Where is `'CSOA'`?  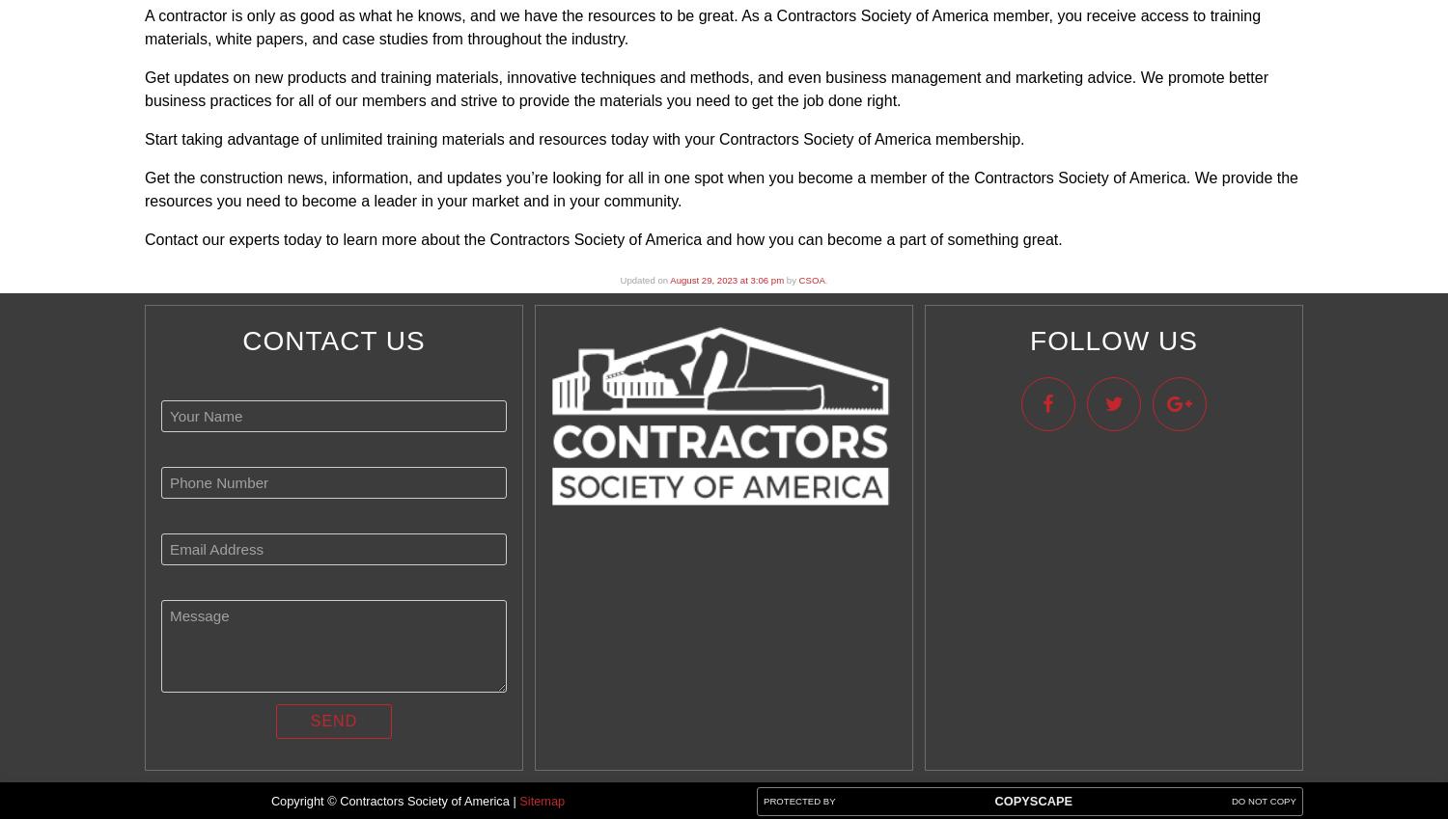
'CSOA' is located at coordinates (810, 279).